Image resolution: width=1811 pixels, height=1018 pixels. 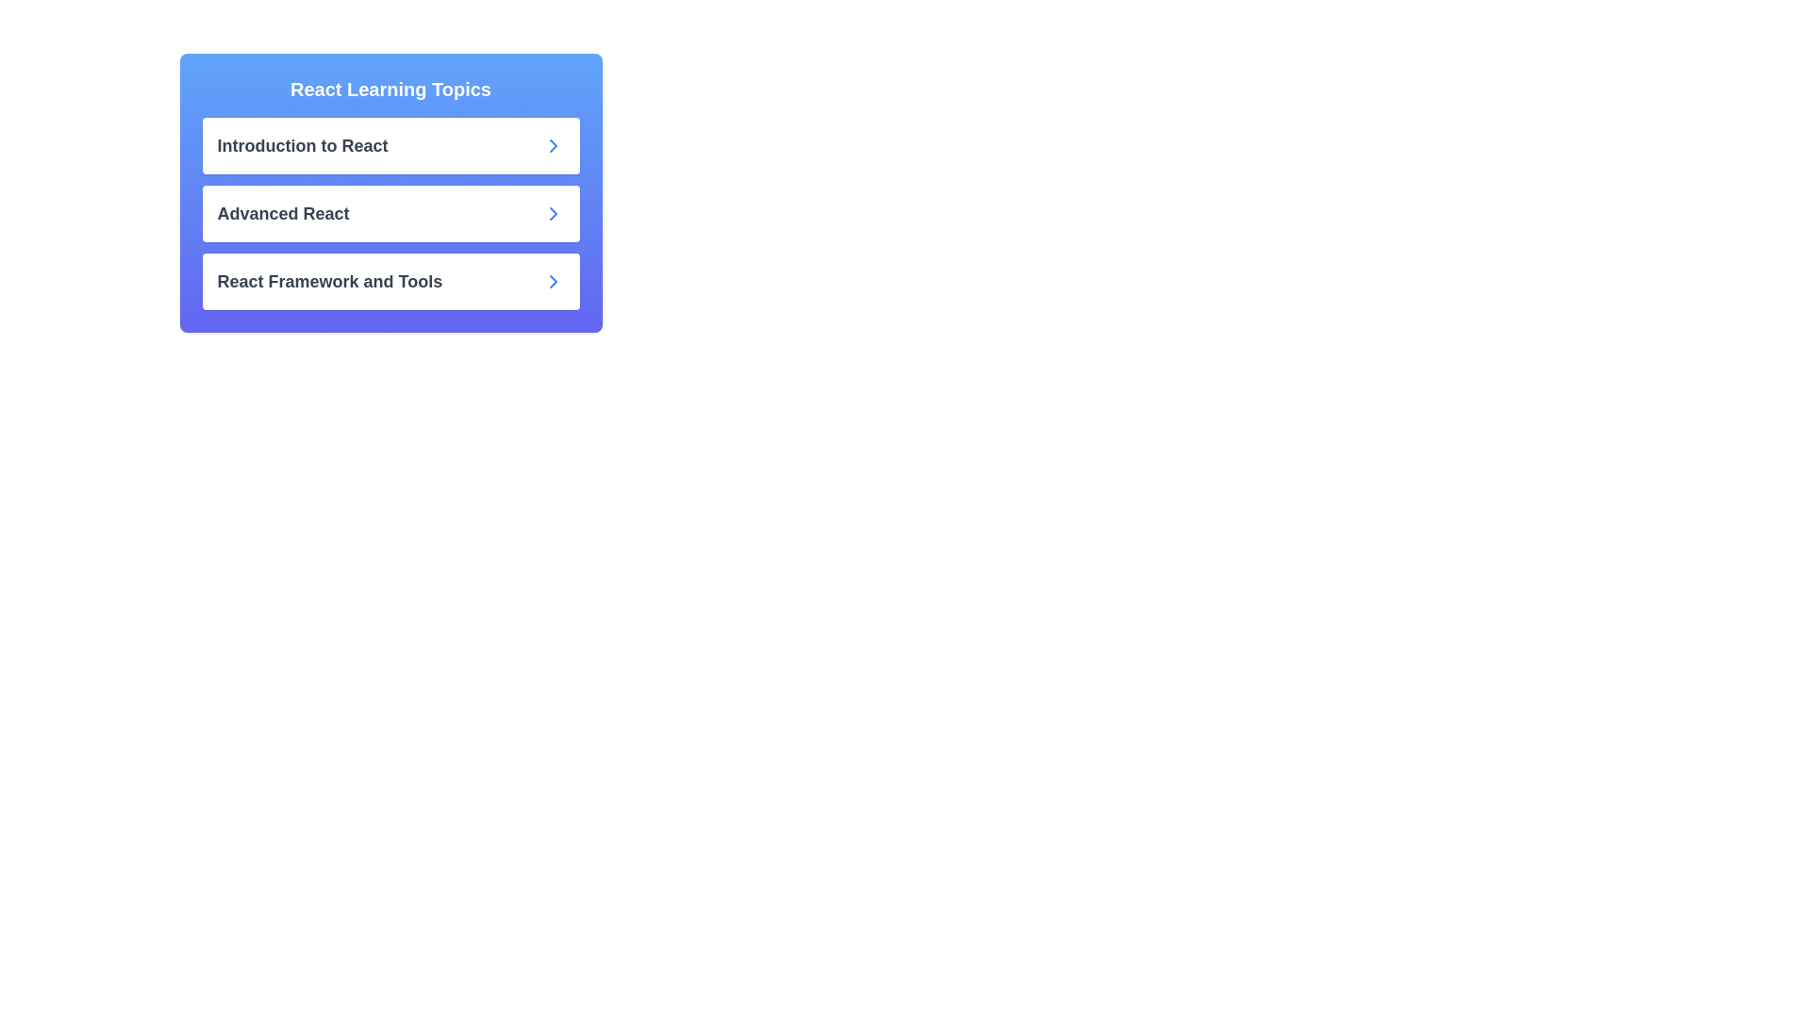 I want to click on arrow icon next to Advanced React to expand or collapse its details, so click(x=552, y=213).